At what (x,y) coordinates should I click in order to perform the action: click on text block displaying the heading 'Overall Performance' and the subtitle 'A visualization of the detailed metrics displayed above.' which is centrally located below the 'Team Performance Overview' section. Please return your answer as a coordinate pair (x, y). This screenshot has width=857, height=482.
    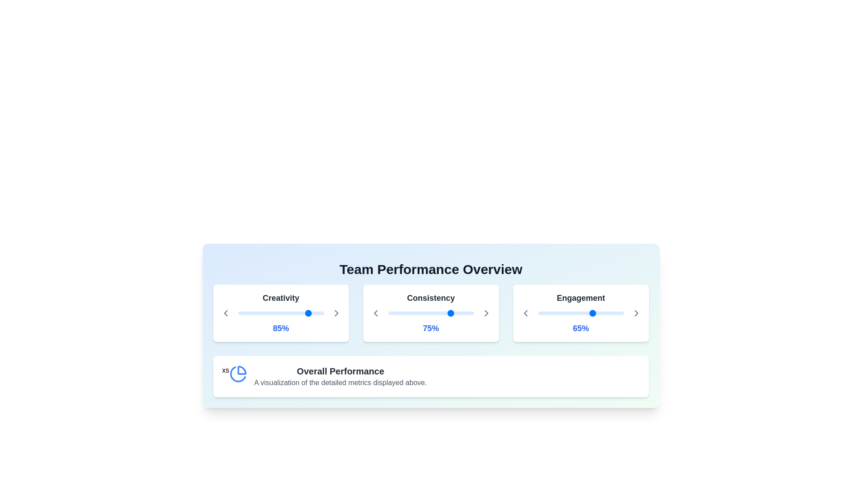
    Looking at the image, I should click on (340, 377).